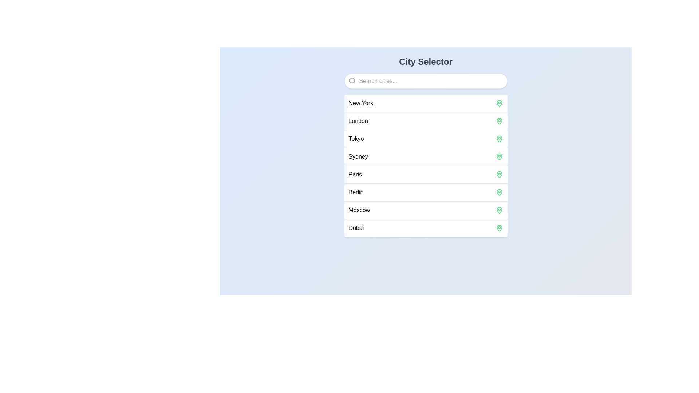 The height and width of the screenshot is (393, 699). I want to click on the second city name in the dropdown list, which is positioned below 'New York' and above 'Tokyo', so click(358, 120).